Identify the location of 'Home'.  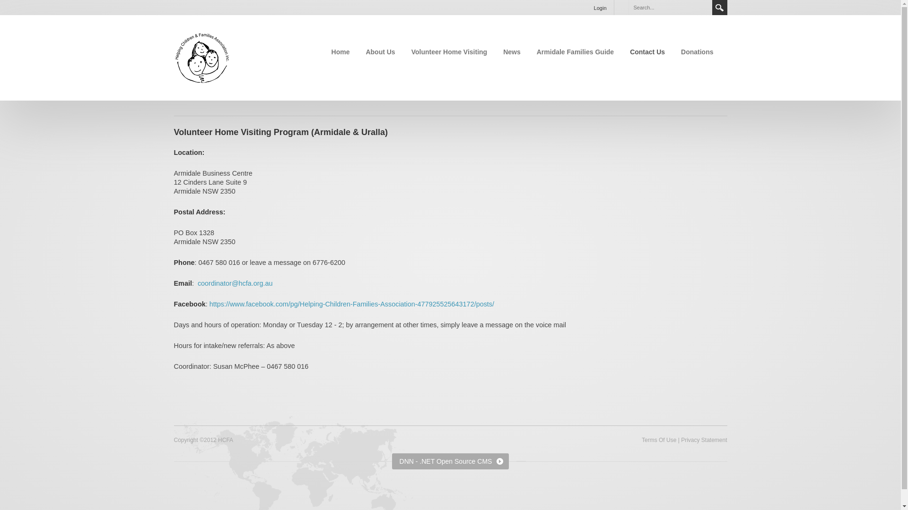
(340, 52).